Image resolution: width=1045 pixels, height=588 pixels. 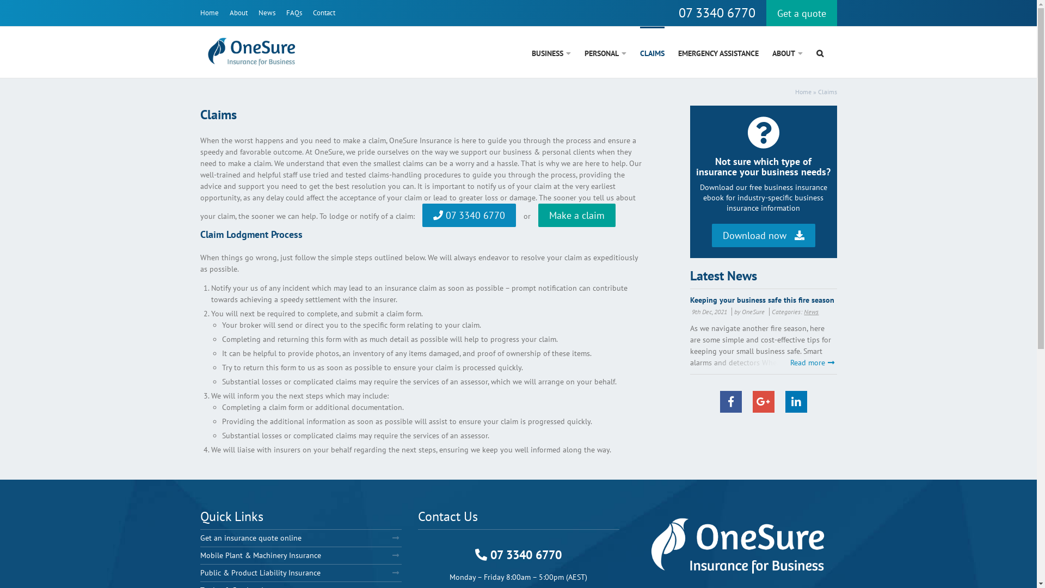 I want to click on 'FAQs', so click(x=294, y=13).